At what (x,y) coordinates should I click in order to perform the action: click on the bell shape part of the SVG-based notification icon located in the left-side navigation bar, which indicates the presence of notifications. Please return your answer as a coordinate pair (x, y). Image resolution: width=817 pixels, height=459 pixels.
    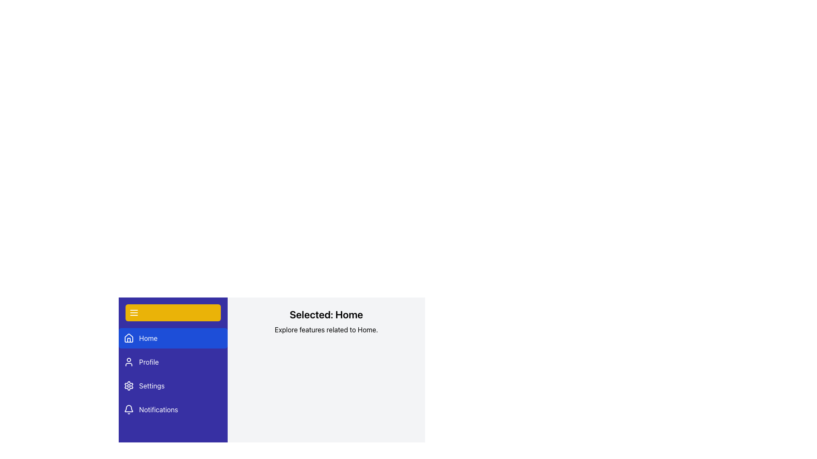
    Looking at the image, I should click on (128, 408).